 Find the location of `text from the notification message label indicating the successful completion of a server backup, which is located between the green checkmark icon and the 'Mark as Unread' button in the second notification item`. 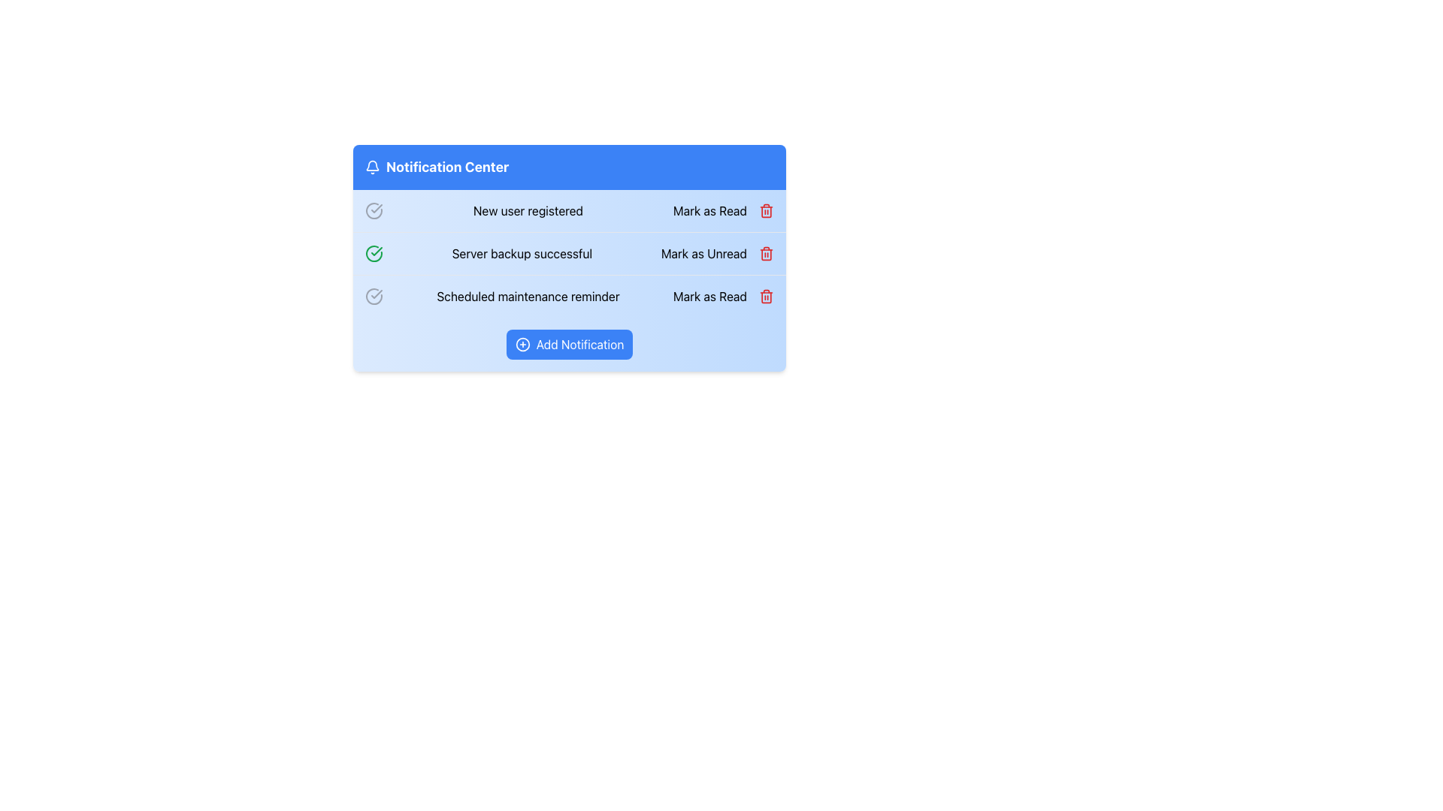

text from the notification message label indicating the successful completion of a server backup, which is located between the green checkmark icon and the 'Mark as Unread' button in the second notification item is located at coordinates (522, 253).